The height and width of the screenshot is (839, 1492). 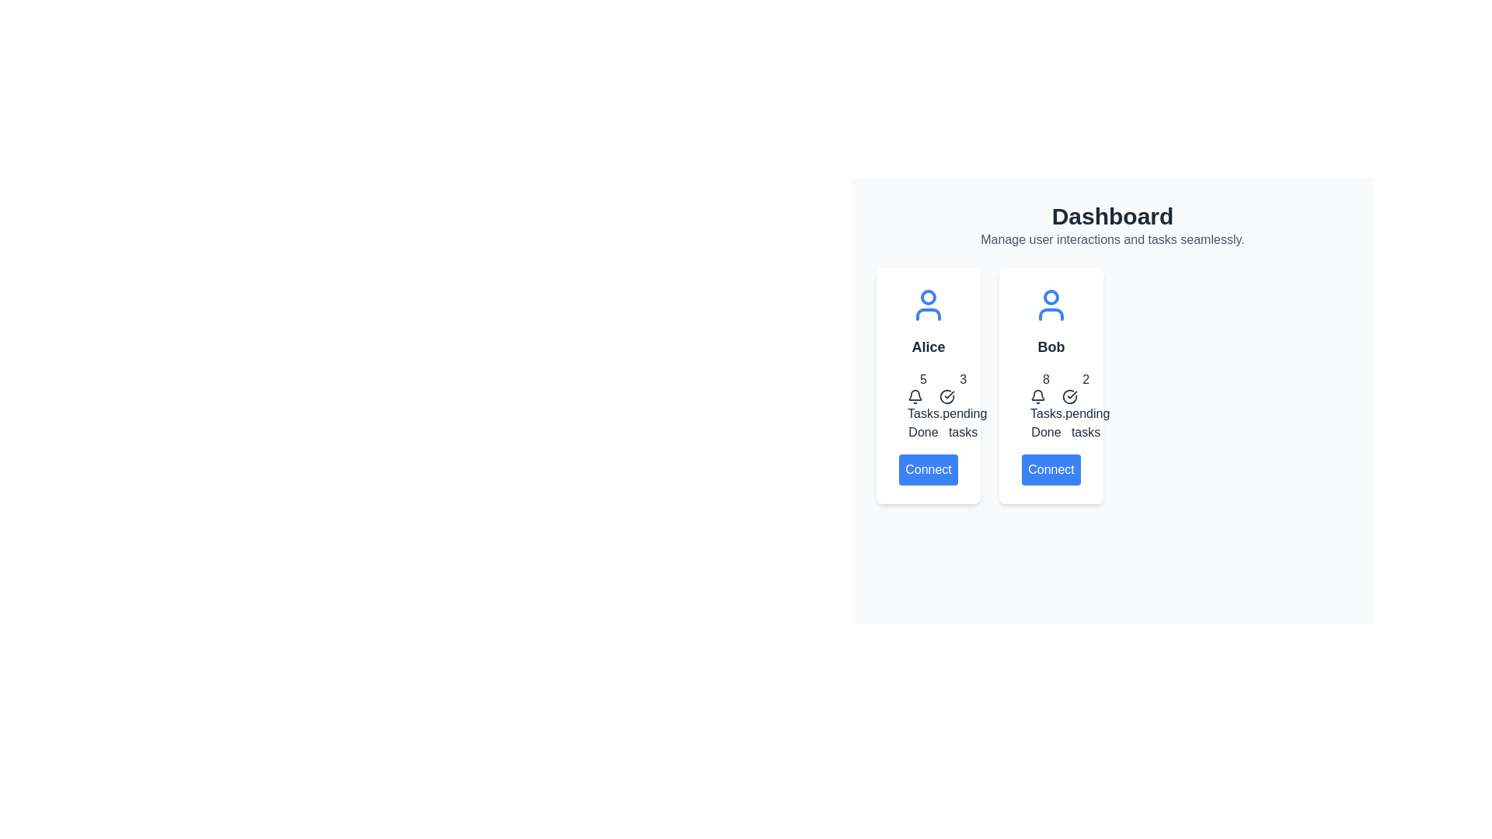 I want to click on the user icon represented by a blue circle above a semi-oval, positioned at the top center of the card component titled 'Alice', so click(x=929, y=305).